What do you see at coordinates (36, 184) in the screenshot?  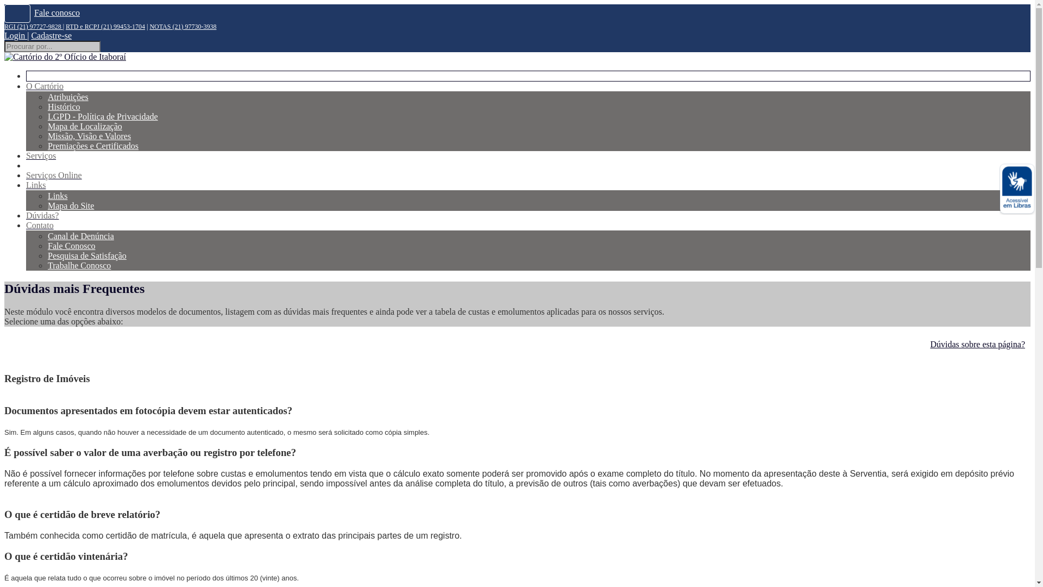 I see `'Links'` at bounding box center [36, 184].